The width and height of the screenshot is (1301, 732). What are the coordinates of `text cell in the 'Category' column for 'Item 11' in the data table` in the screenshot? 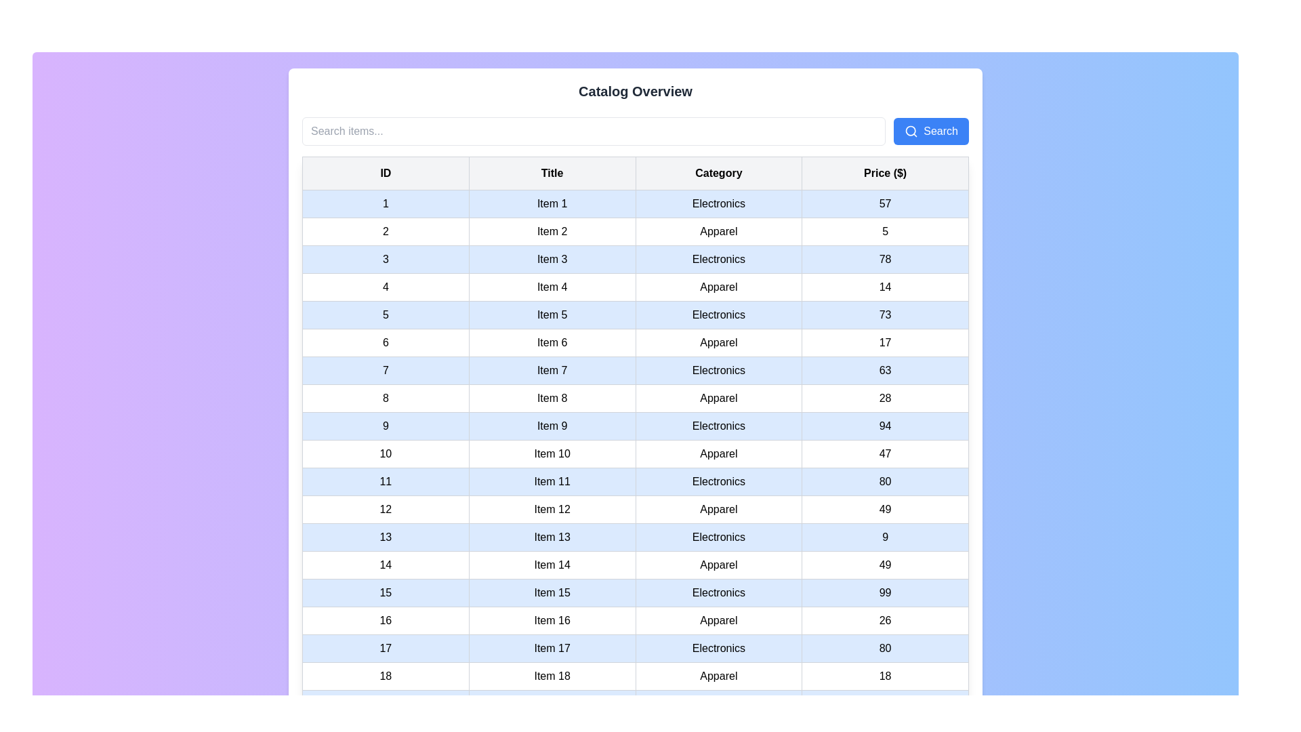 It's located at (718, 481).